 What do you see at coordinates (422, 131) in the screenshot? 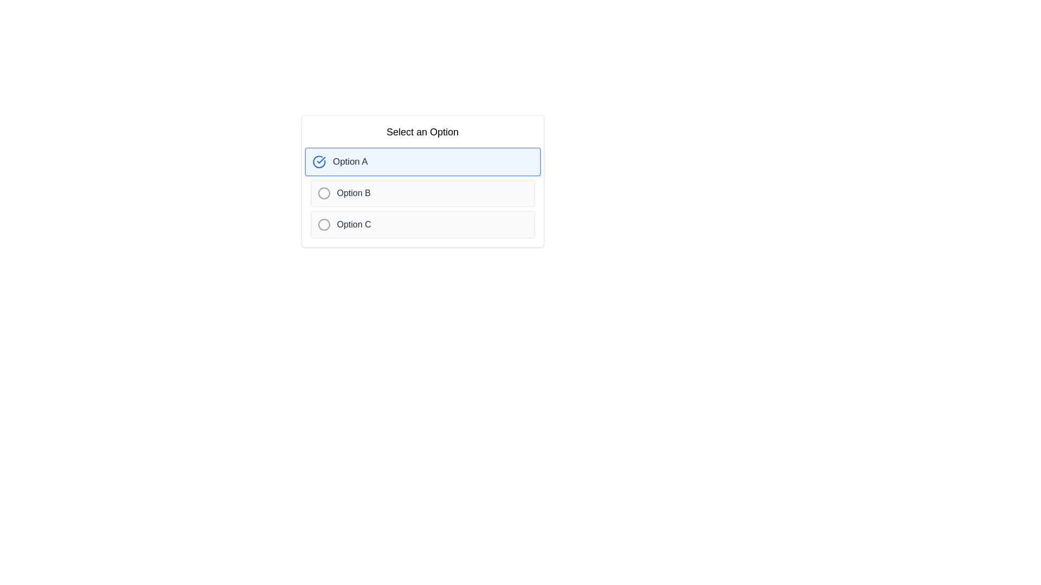
I see `the static text heading that informs the user about the purpose of the following options, located at the top of the options list` at bounding box center [422, 131].